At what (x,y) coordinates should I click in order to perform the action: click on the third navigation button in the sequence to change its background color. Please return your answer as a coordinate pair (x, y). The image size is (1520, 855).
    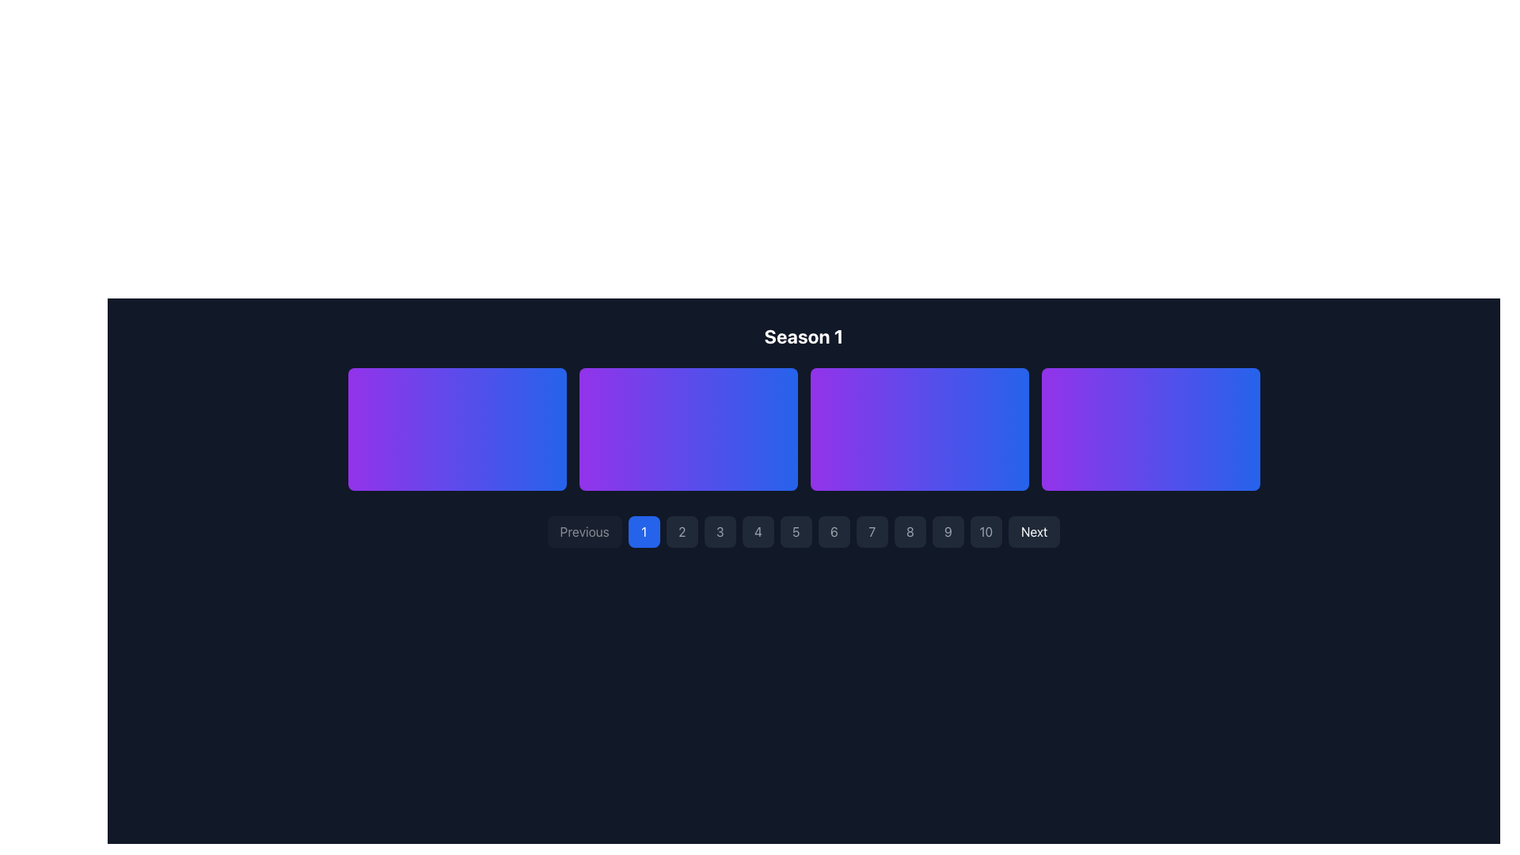
    Looking at the image, I should click on (719, 532).